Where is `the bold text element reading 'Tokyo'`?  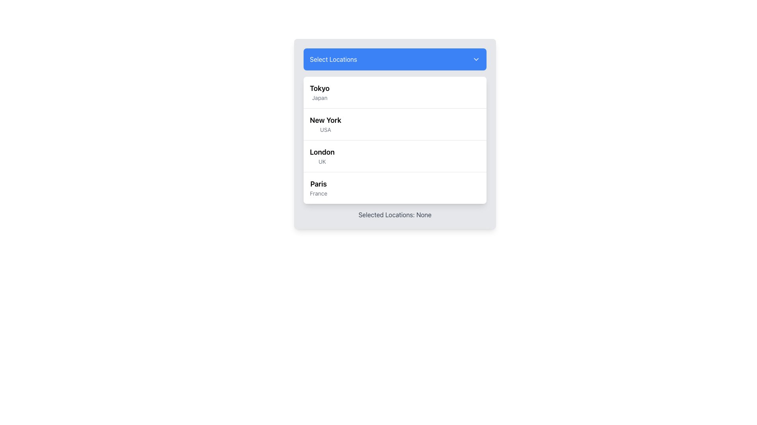 the bold text element reading 'Tokyo' is located at coordinates (320, 88).